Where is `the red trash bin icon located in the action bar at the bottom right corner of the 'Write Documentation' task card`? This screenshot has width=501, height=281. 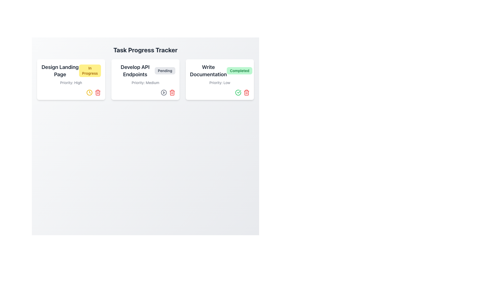
the red trash bin icon located in the action bar at the bottom right corner of the 'Write Documentation' task card is located at coordinates (220, 92).